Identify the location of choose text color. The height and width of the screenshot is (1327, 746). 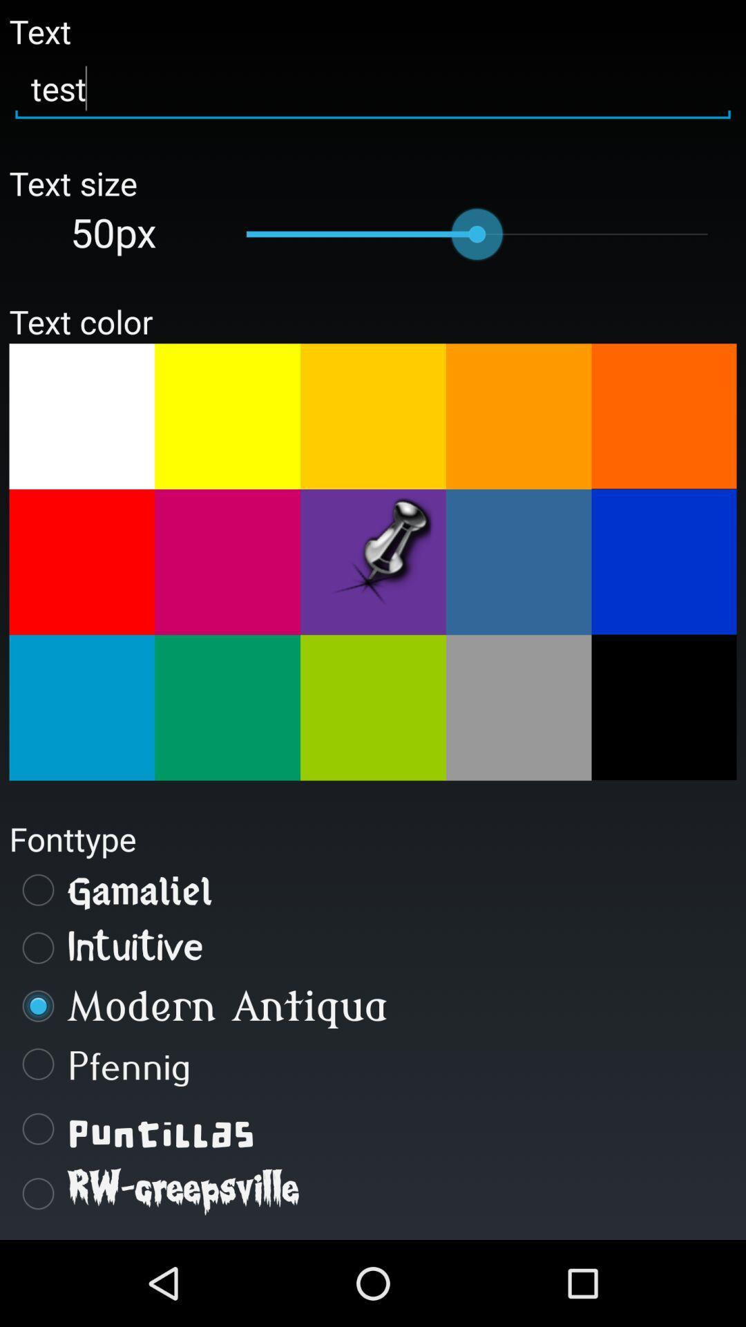
(82, 708).